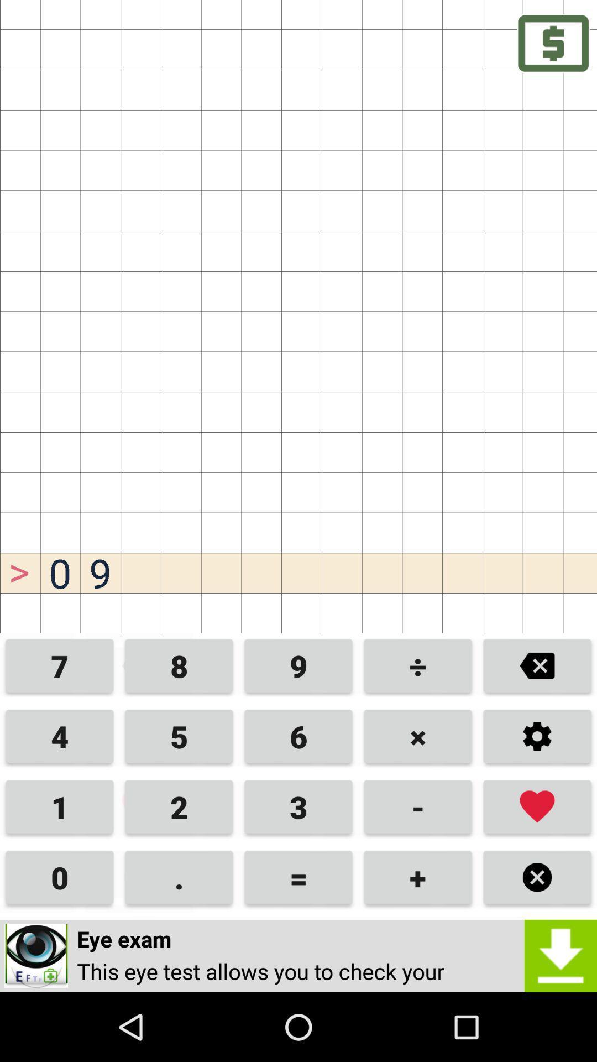 The height and width of the screenshot is (1062, 597). I want to click on favorites, so click(537, 806).